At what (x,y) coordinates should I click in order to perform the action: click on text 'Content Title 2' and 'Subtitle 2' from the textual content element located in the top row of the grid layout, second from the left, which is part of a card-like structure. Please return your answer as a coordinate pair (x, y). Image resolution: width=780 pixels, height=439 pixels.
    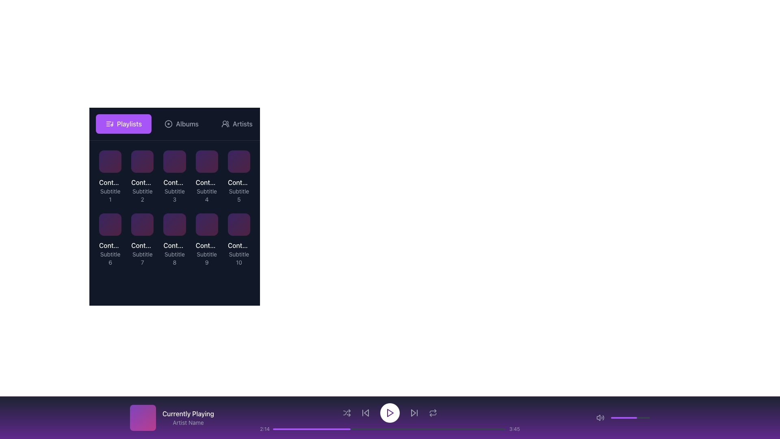
    Looking at the image, I should click on (142, 191).